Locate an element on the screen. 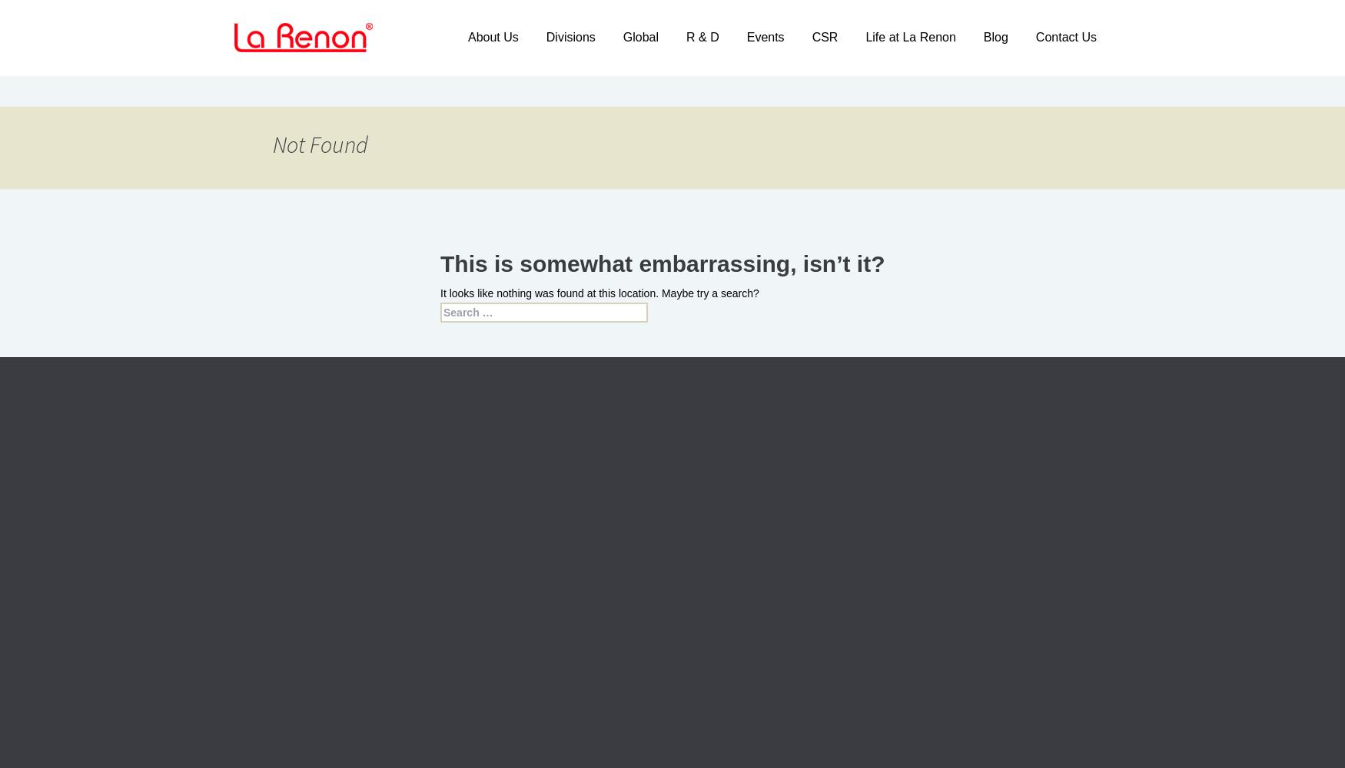 The height and width of the screenshot is (768, 1345). 'Congratulations Team @LaRenon1 as we partner @sequoia for an investment of 100 Crores.' is located at coordinates (553, 592).